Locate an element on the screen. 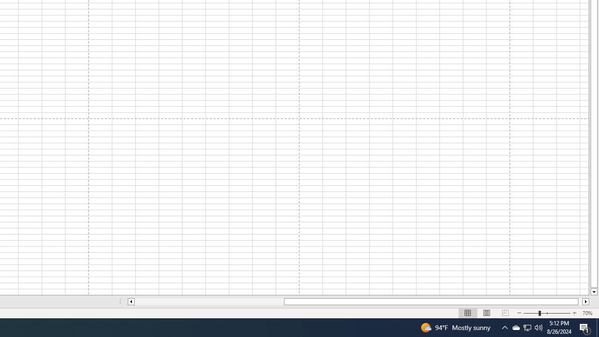  'Zoom In' is located at coordinates (574, 313).